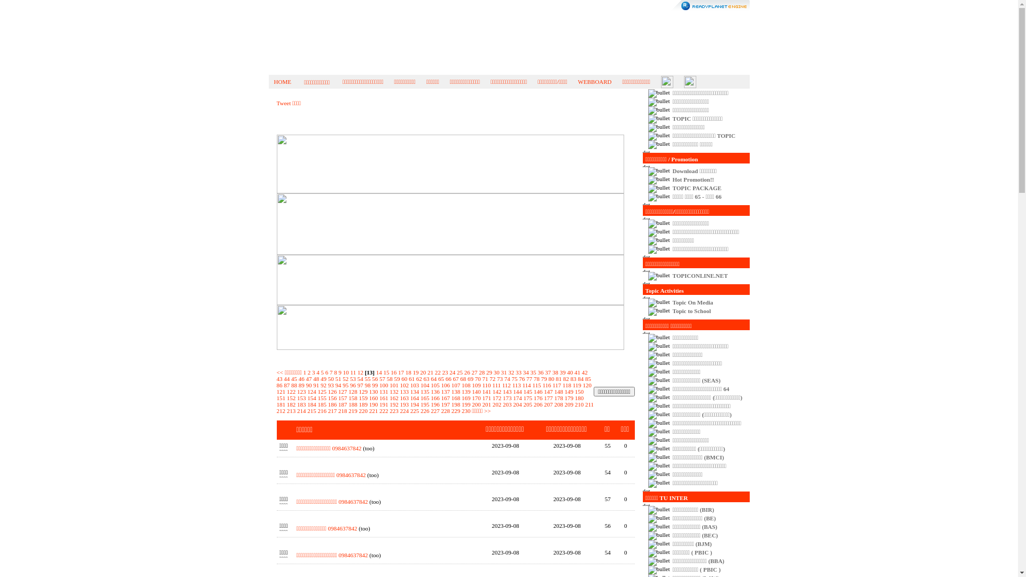 Image resolution: width=1026 pixels, height=577 pixels. What do you see at coordinates (375, 378) in the screenshot?
I see `'56'` at bounding box center [375, 378].